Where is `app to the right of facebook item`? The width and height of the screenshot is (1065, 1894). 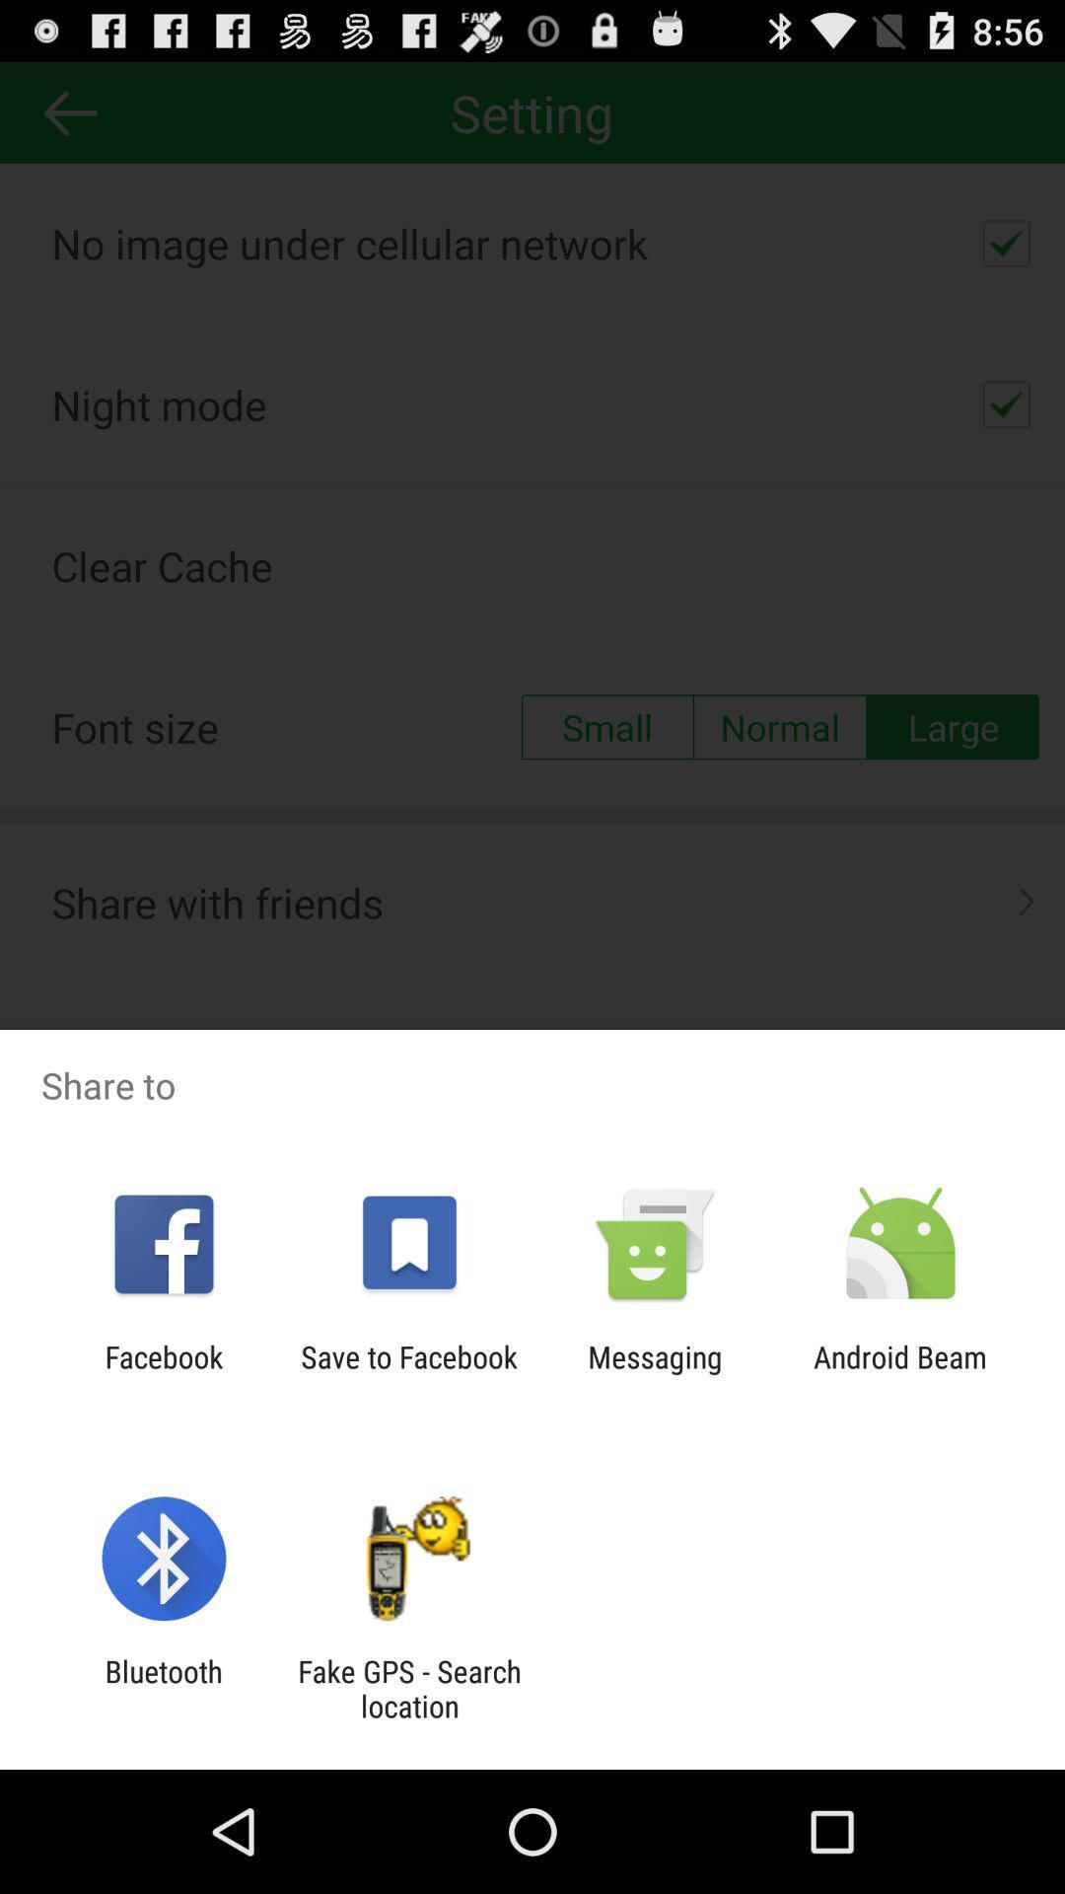
app to the right of facebook item is located at coordinates (408, 1373).